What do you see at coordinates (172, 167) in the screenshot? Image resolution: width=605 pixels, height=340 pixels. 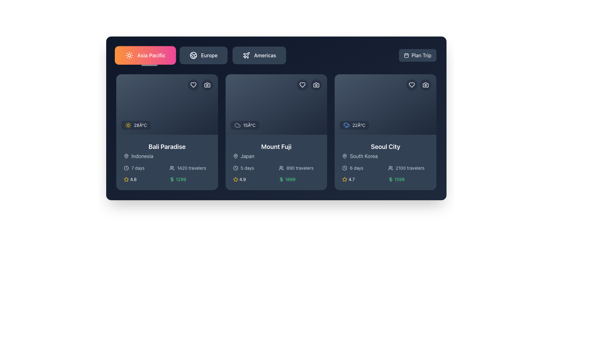 I see `the icon representing '1420 travelers' located to the left of the text within the group below 'Bali Paradise'` at bounding box center [172, 167].